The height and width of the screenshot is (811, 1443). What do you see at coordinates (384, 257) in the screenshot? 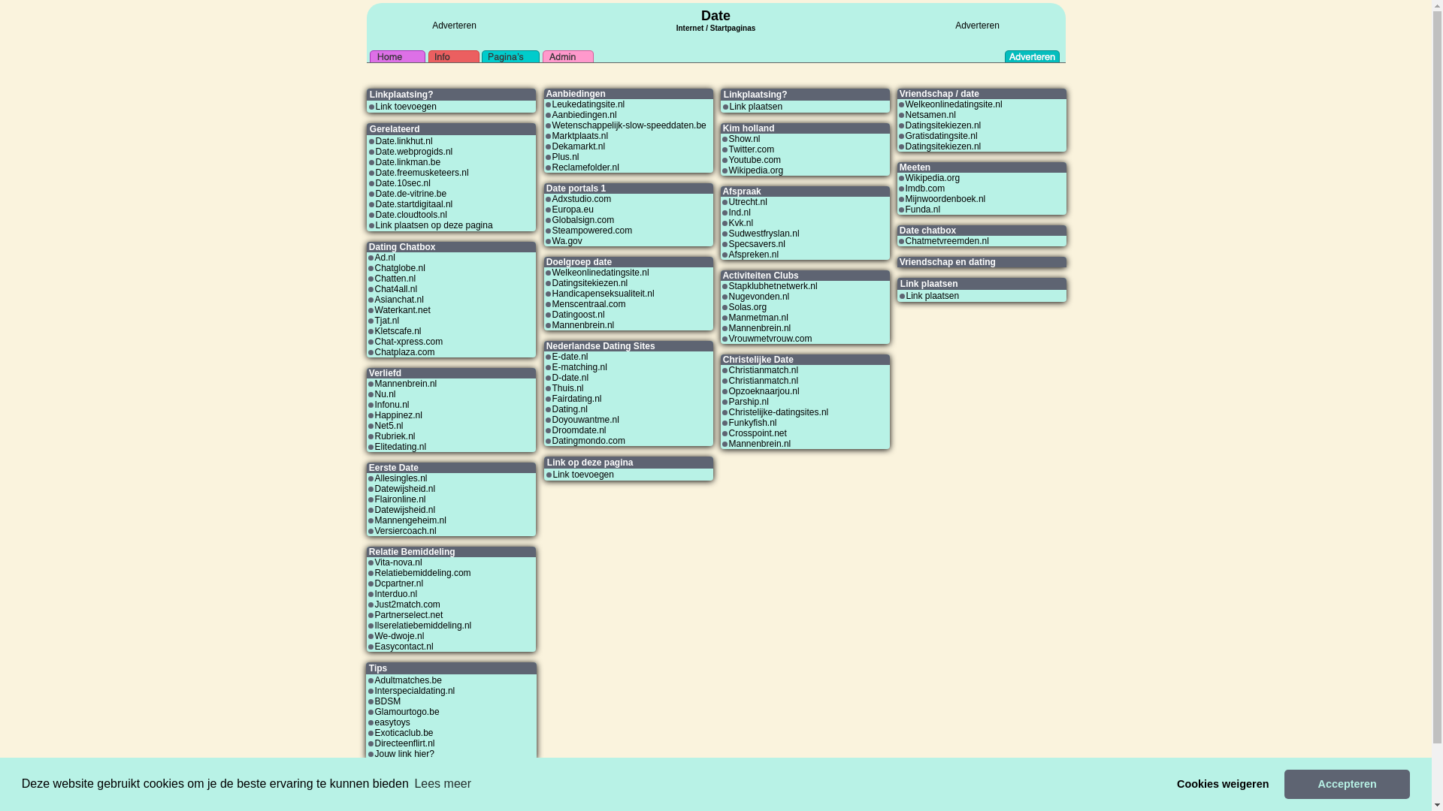
I see `'Ad.nl'` at bounding box center [384, 257].